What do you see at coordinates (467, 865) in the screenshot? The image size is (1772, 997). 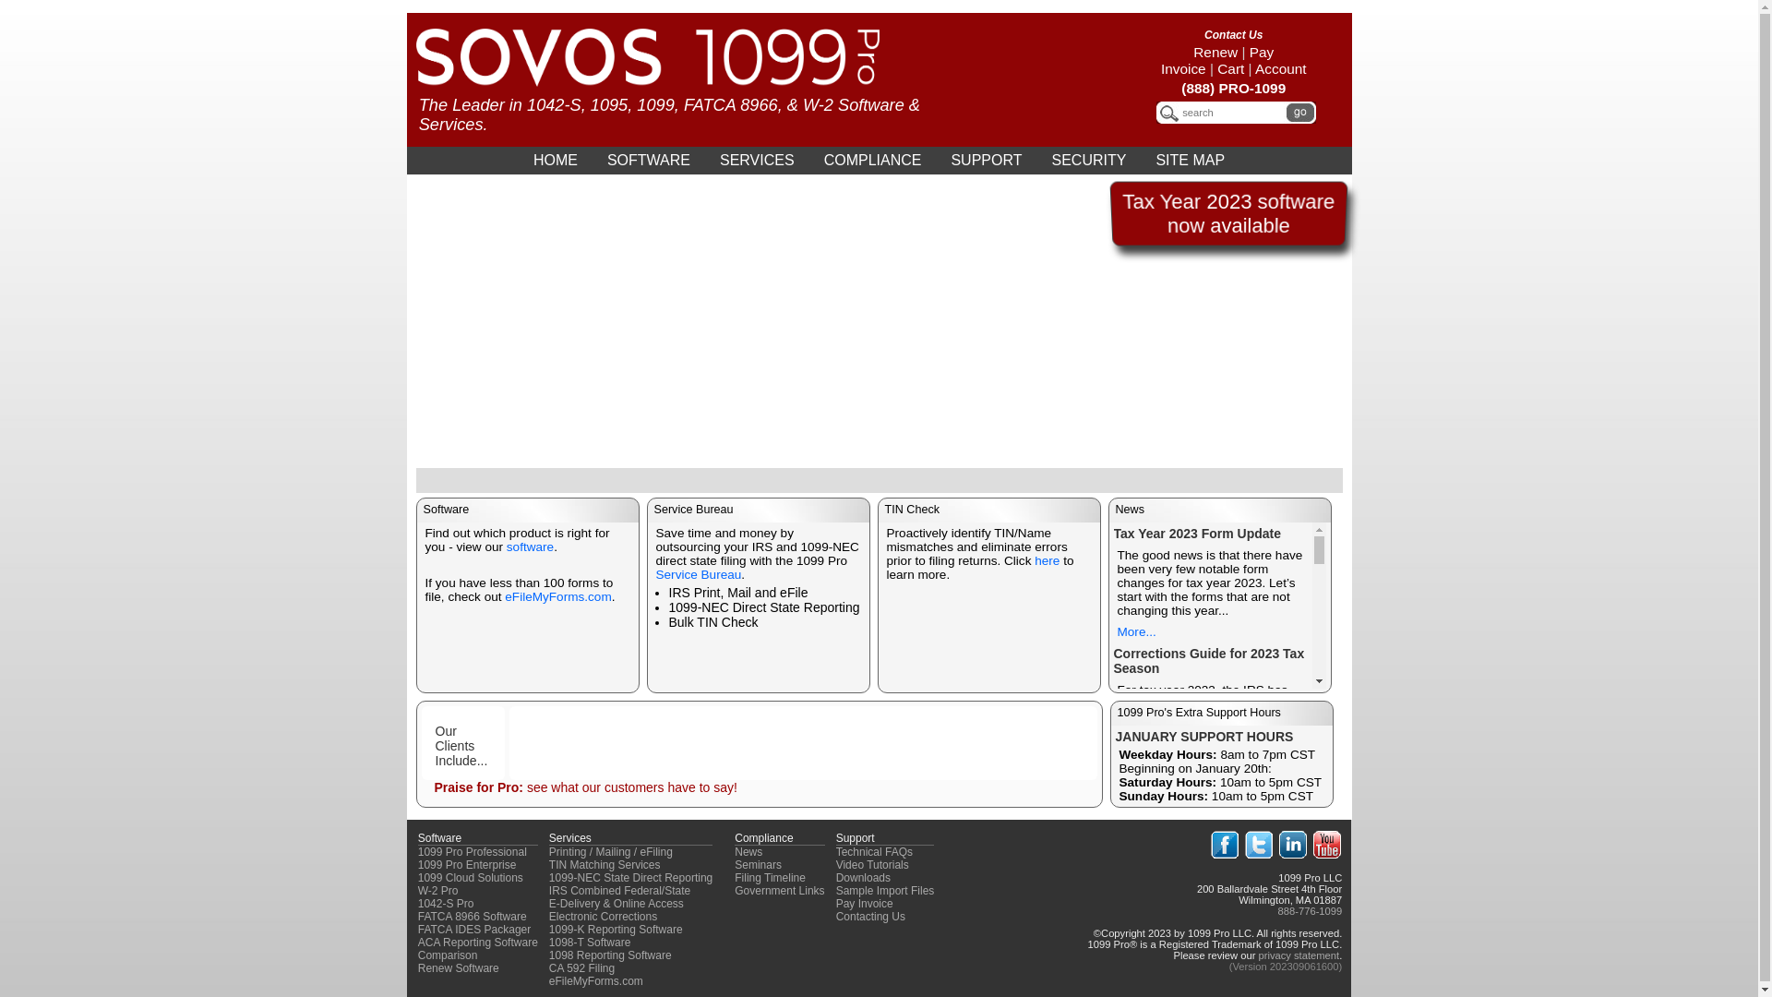 I see `'1099 Pro Enterprise'` at bounding box center [467, 865].